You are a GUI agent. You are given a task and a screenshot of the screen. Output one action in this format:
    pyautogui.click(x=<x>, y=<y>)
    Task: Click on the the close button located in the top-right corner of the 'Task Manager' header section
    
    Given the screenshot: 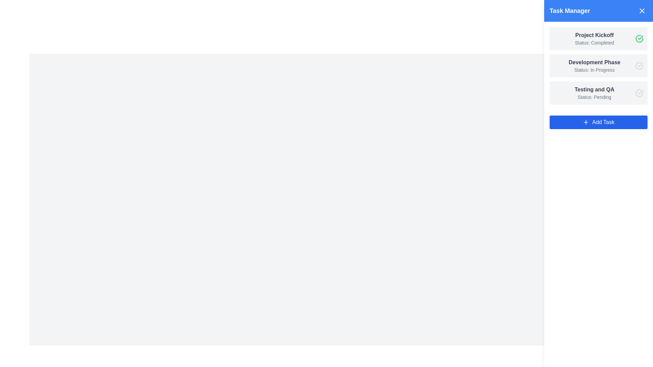 What is the action you would take?
    pyautogui.click(x=641, y=11)
    